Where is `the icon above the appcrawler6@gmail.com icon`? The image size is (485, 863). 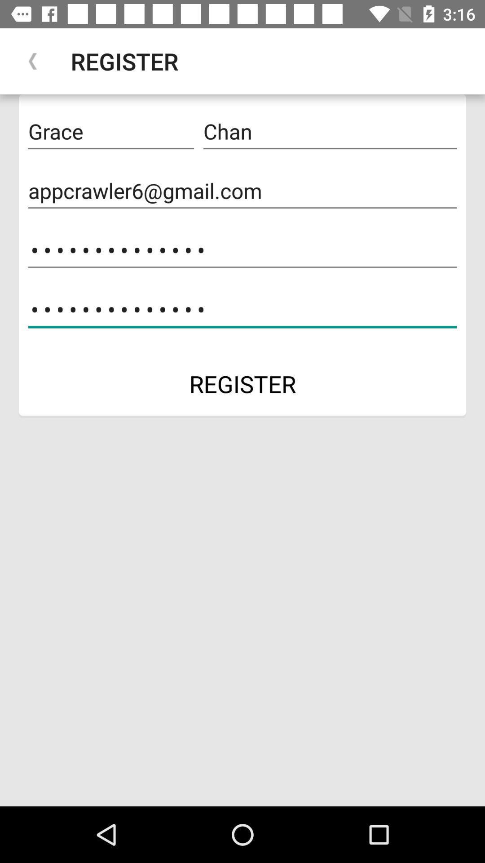
the icon above the appcrawler6@gmail.com icon is located at coordinates (110, 131).